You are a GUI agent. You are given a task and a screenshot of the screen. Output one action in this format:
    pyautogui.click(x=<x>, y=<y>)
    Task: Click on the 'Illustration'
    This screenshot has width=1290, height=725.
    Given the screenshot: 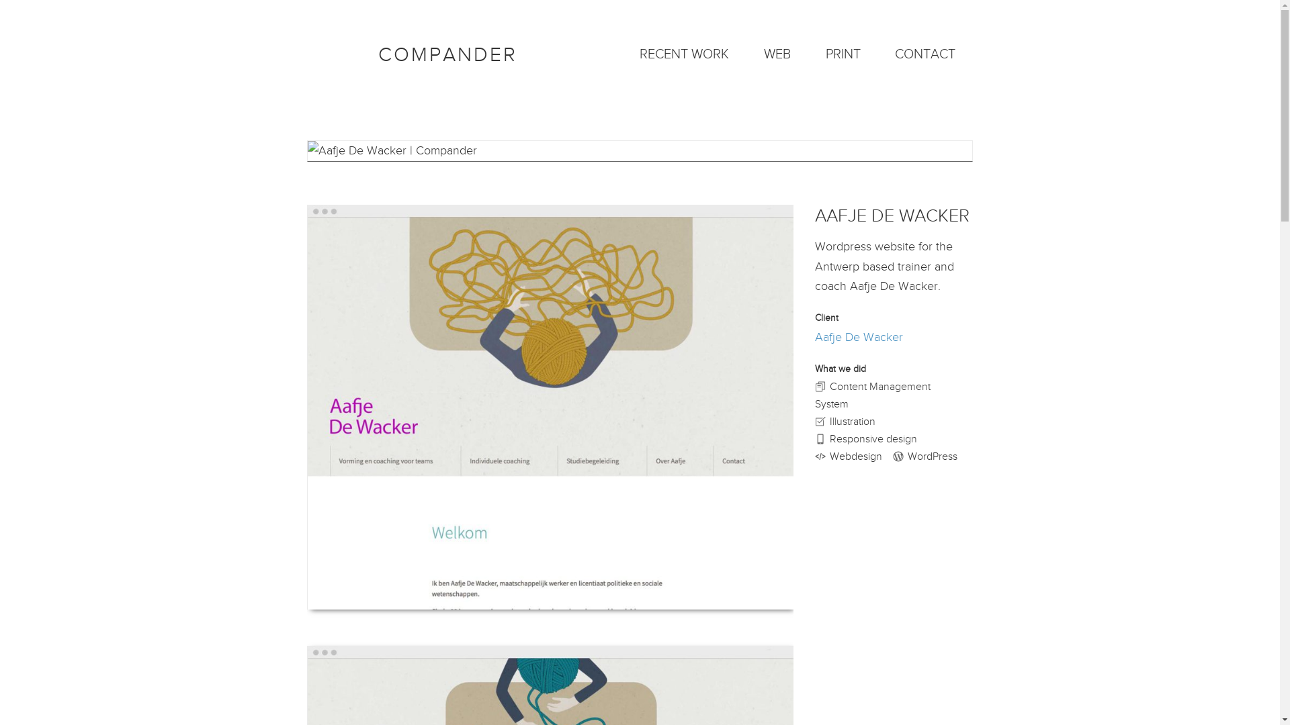 What is the action you would take?
    pyautogui.click(x=844, y=421)
    